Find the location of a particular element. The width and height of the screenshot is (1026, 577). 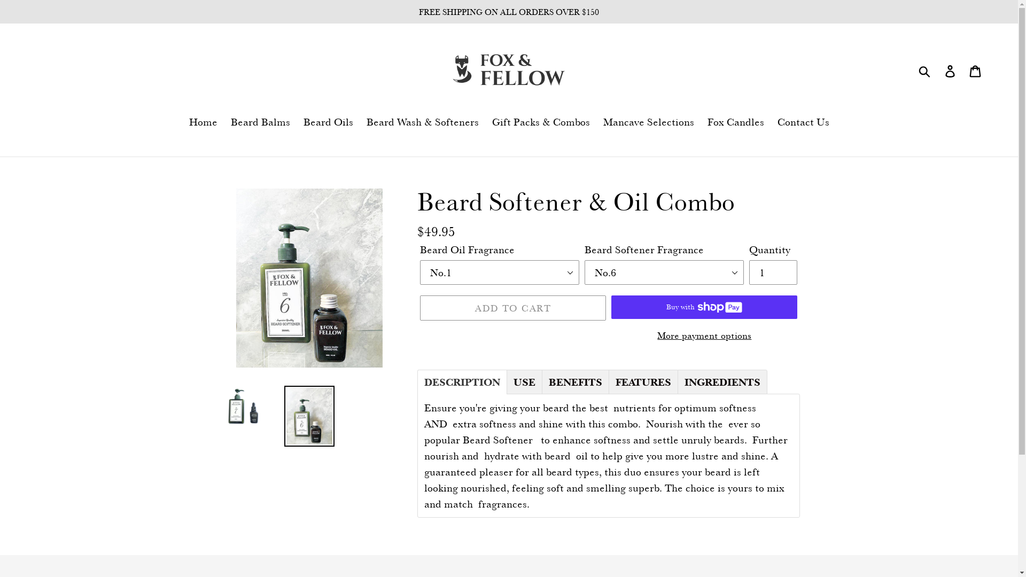

'Contact Us' is located at coordinates (803, 122).